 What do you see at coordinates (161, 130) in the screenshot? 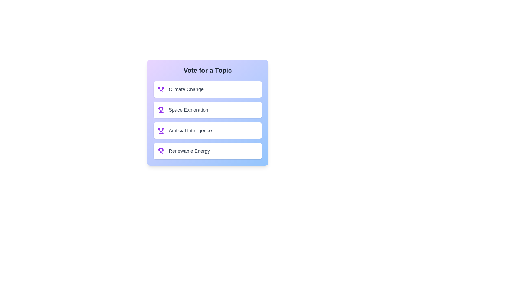
I see `the trophy icon that symbolizes achievement related to the 'Artificial Intelligence' option in the 'Vote for a Topic' panel` at bounding box center [161, 130].